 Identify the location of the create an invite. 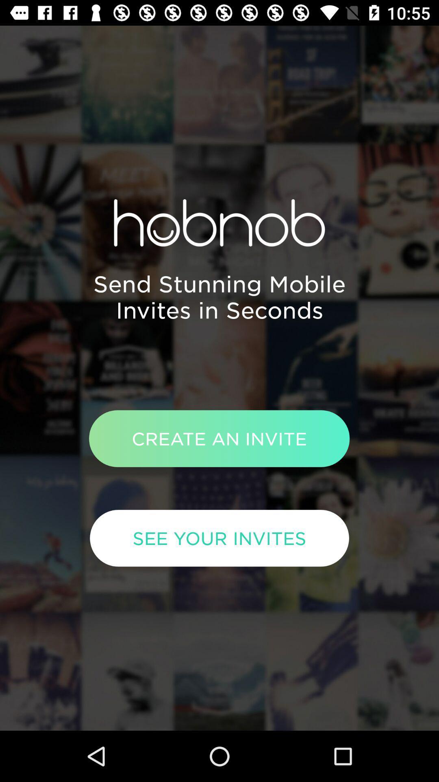
(219, 438).